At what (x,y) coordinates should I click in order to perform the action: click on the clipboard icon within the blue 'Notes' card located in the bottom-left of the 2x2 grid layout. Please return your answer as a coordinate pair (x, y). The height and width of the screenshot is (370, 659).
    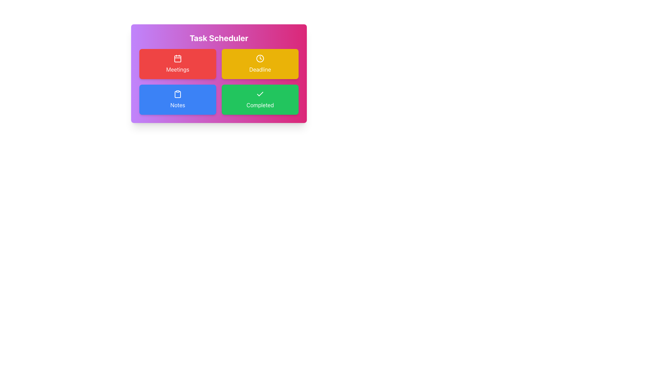
    Looking at the image, I should click on (178, 95).